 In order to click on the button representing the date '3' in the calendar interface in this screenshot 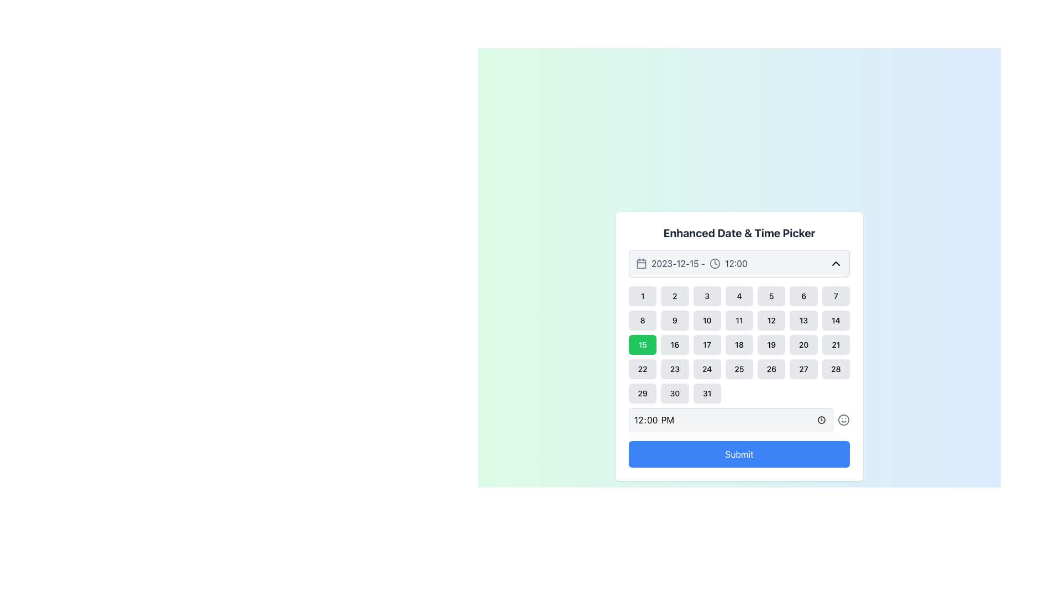, I will do `click(706, 296)`.